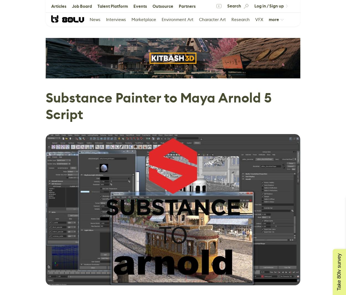 The height and width of the screenshot is (295, 346). Describe the element at coordinates (78, 18) in the screenshot. I see `'About'` at that location.